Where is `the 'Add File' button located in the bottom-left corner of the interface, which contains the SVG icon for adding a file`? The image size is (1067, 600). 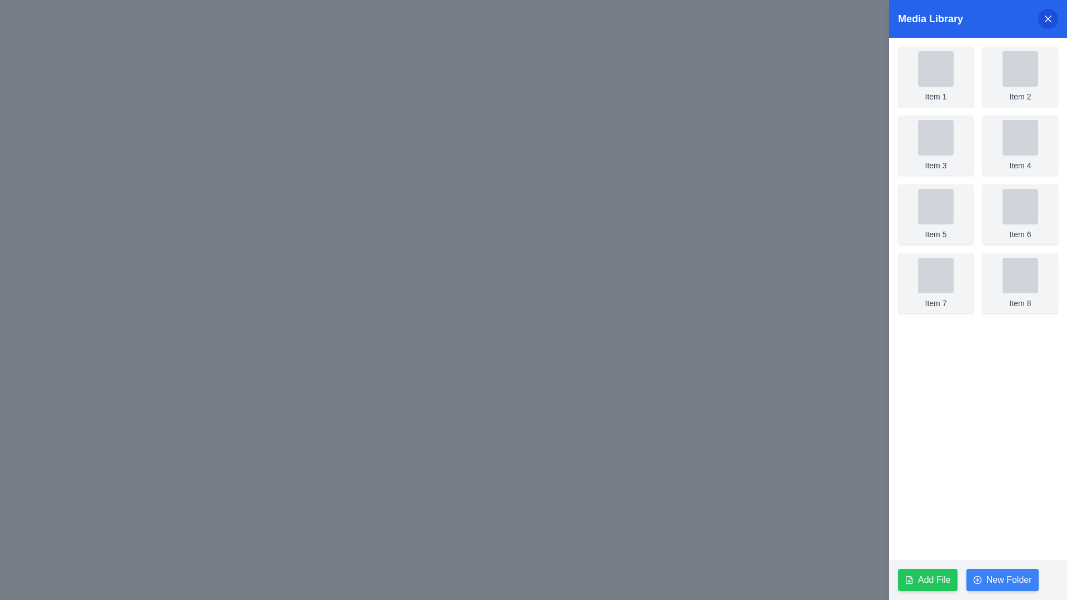
the 'Add File' button located in the bottom-left corner of the interface, which contains the SVG icon for adding a file is located at coordinates (909, 579).